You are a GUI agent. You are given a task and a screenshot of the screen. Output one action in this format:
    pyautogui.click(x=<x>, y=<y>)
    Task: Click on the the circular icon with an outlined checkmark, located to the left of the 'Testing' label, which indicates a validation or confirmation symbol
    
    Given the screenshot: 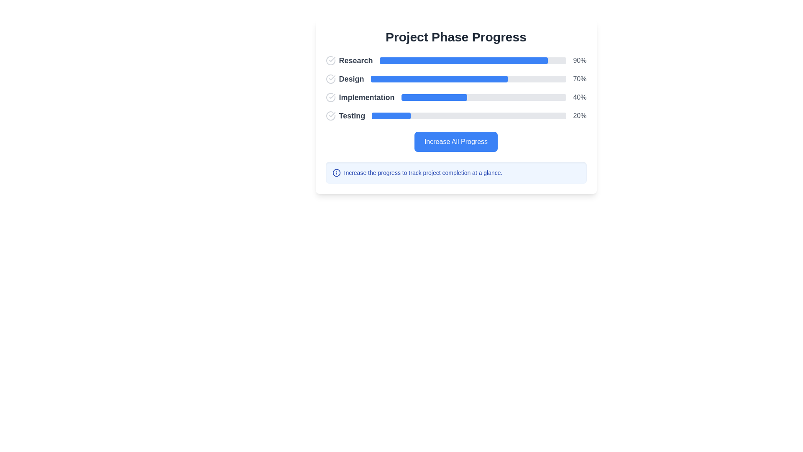 What is the action you would take?
    pyautogui.click(x=330, y=116)
    